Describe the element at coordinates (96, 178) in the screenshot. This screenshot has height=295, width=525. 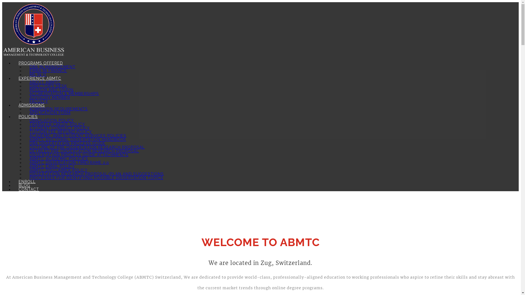
I see `'PROCESSES FOR IDENTIFYING POSSIBLE DISSERTATION TOPICS'` at that location.